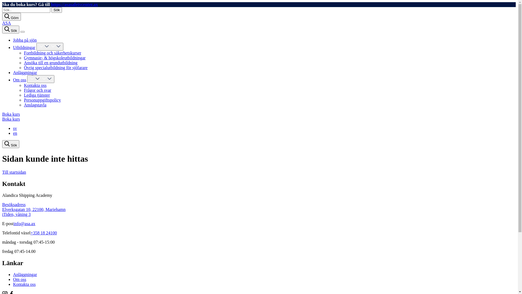 This screenshot has height=294, width=522. What do you see at coordinates (14, 172) in the screenshot?
I see `'Till startsidan'` at bounding box center [14, 172].